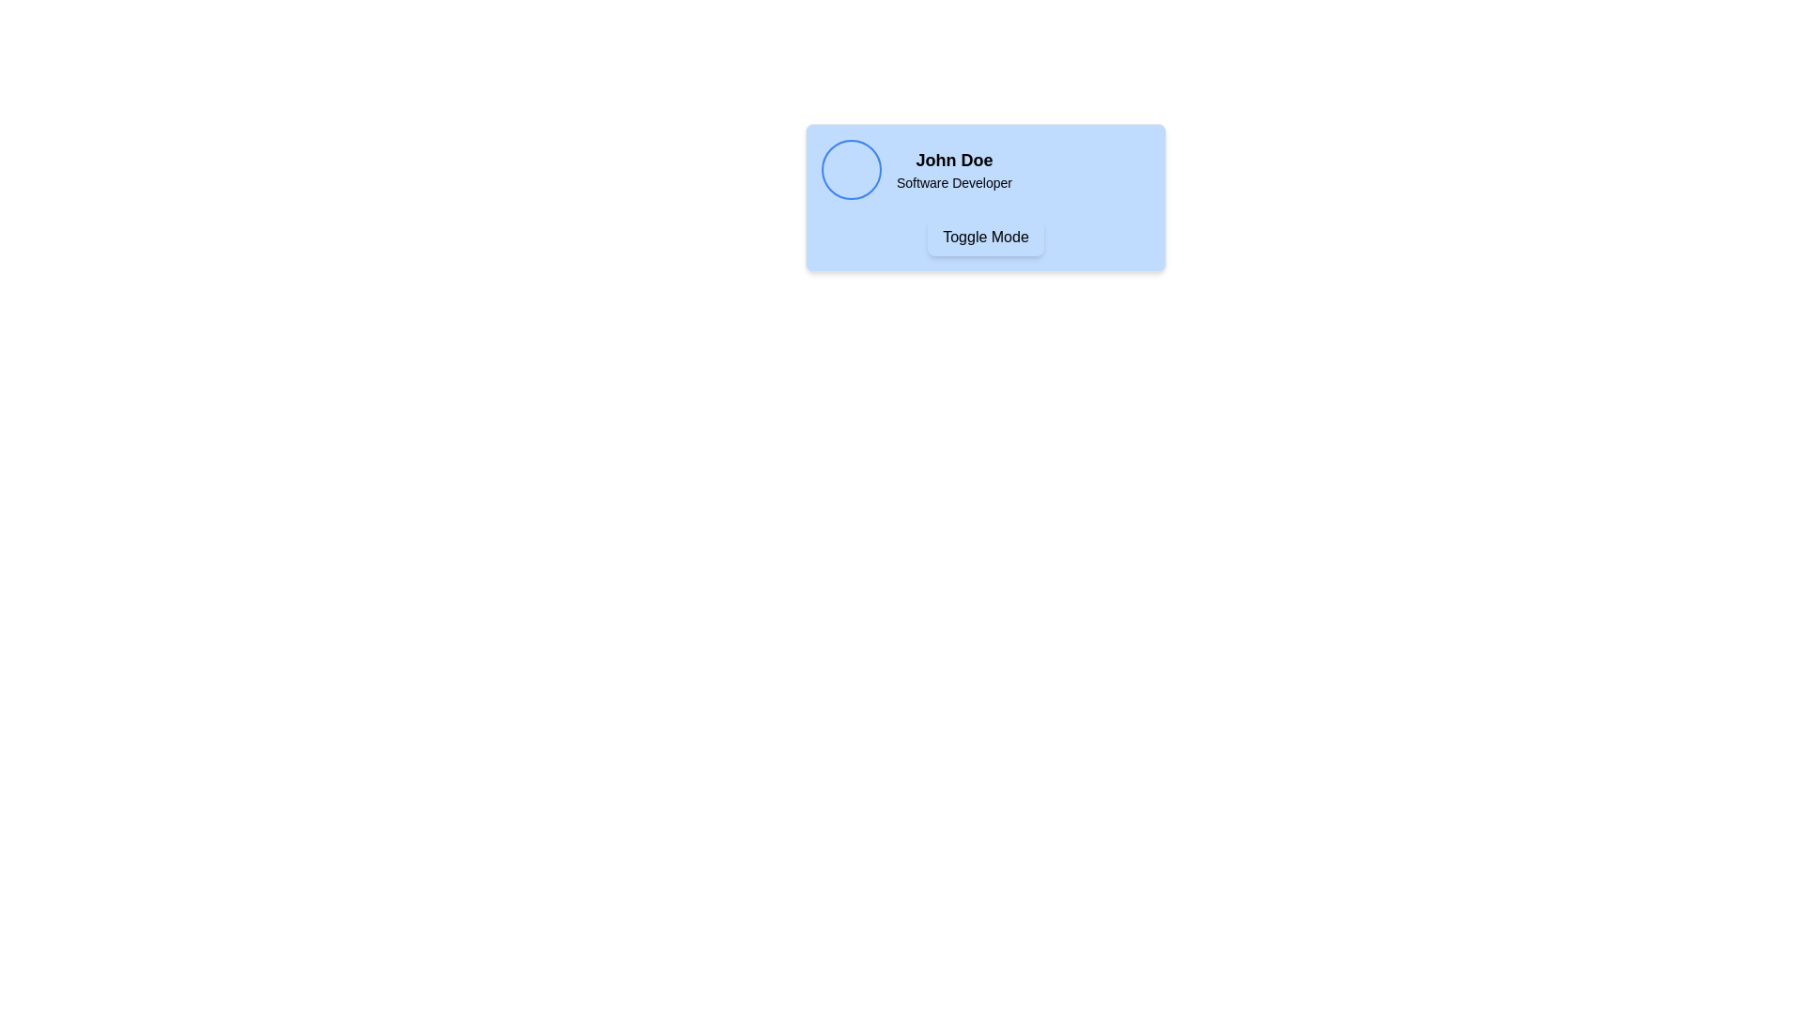 The image size is (1803, 1014). Describe the element at coordinates (954, 170) in the screenshot. I see `the text block displaying the name and role of a person, located to the right of a circular profile picture` at that location.